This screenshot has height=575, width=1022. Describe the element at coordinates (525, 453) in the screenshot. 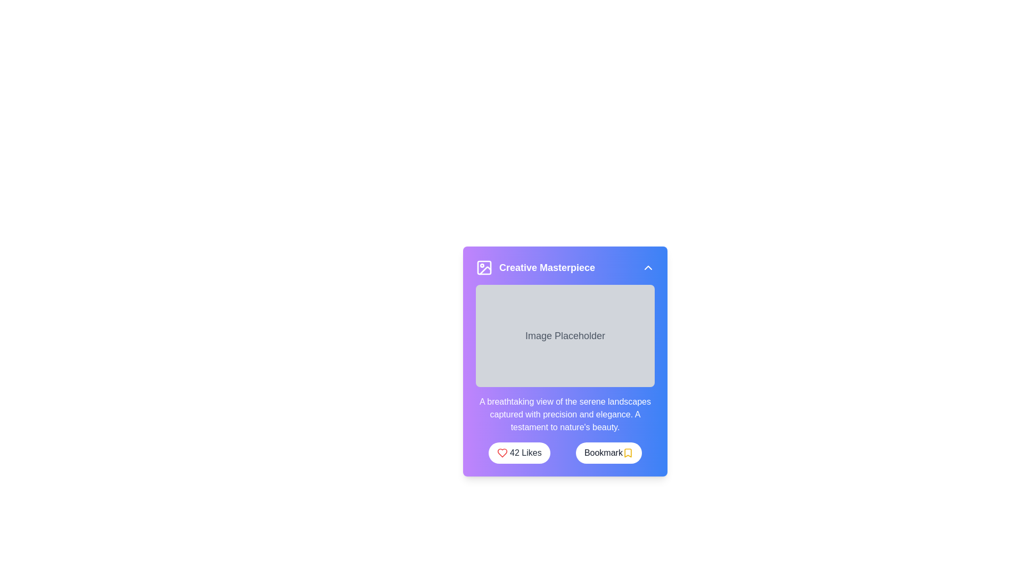

I see `the text label displaying '42 Likes' which indicates the count of likes a post has received, located within a rounded white background button in the bottom left section of a card-like component` at that location.